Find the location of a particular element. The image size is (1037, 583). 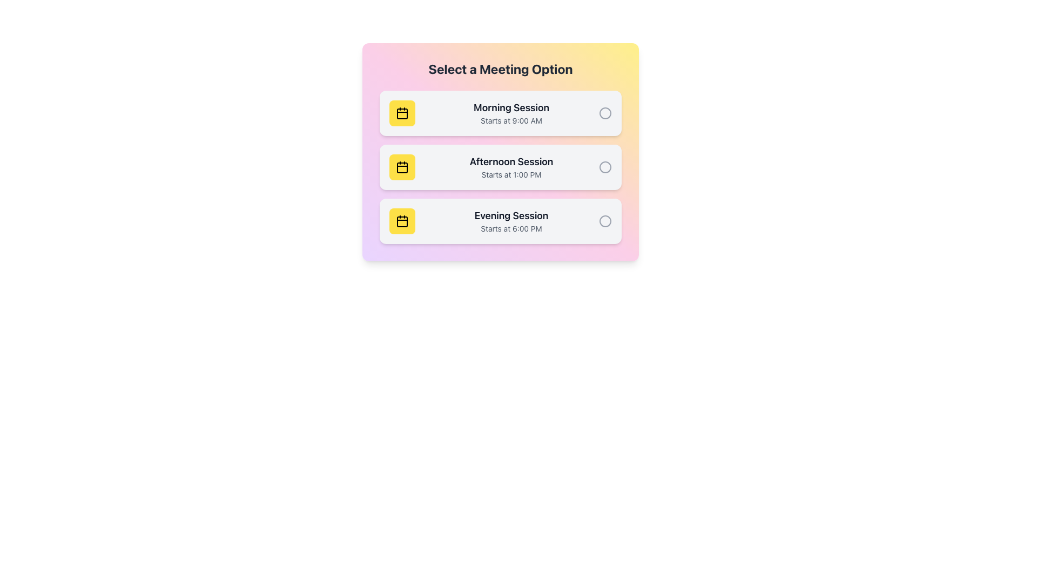

the text label that displays session details, including the session title and starting time, to associate with the session information is located at coordinates (510, 113).